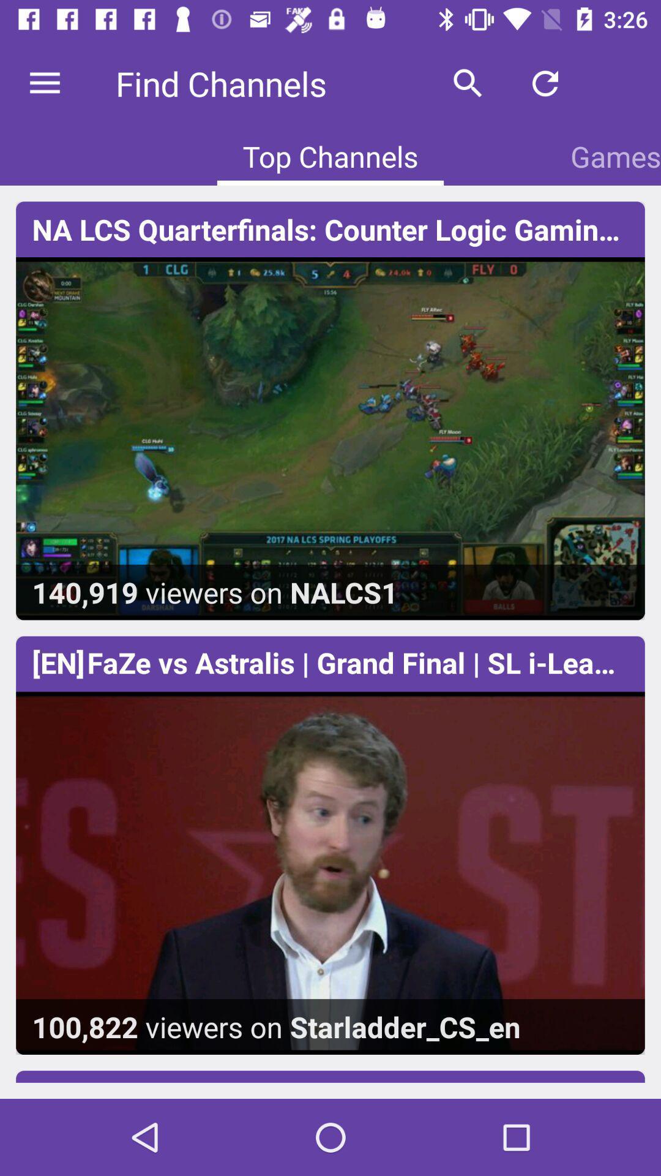 This screenshot has width=661, height=1176. What do you see at coordinates (616, 156) in the screenshot?
I see `option next to top channels` at bounding box center [616, 156].